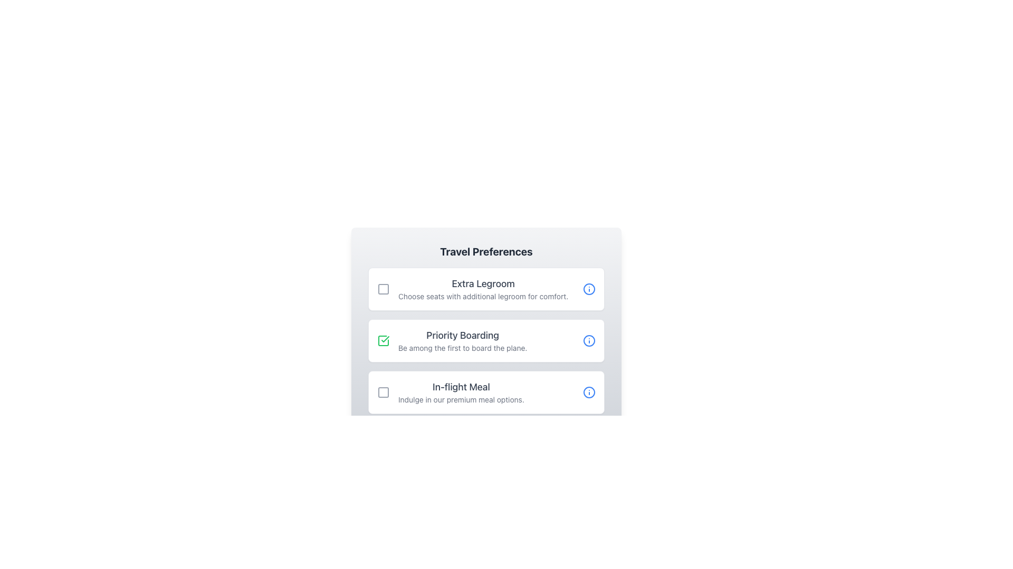  I want to click on the title text element that reads 'Travel Preferences', which is bold, dark gray, and centered at the top of the interface, so click(485, 252).